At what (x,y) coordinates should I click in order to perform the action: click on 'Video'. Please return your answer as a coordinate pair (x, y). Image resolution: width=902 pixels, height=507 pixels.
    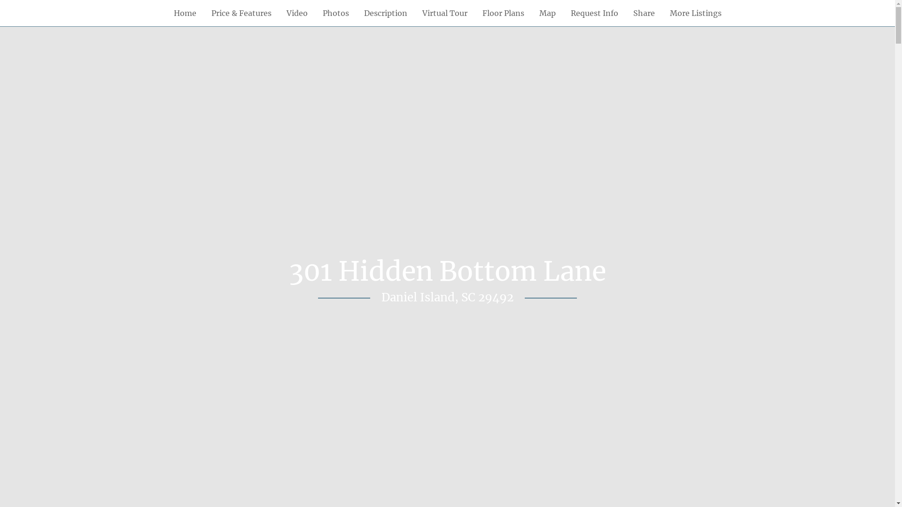
    Looking at the image, I should click on (296, 13).